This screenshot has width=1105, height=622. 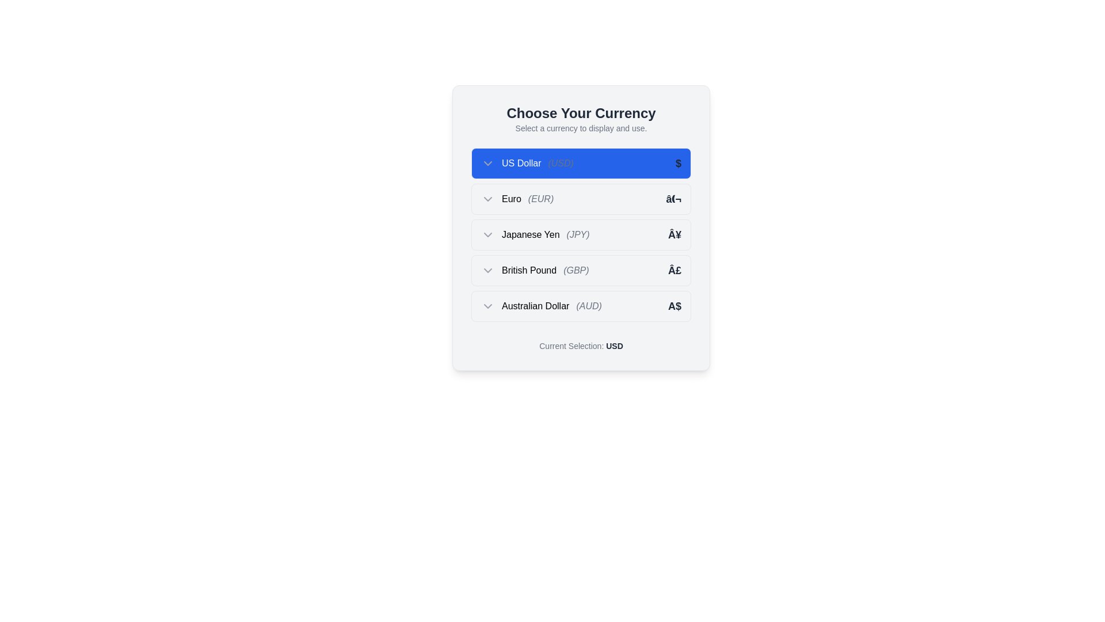 What do you see at coordinates (581, 228) in the screenshot?
I see `the selectable item for Japanese Yen in the dropdown list` at bounding box center [581, 228].